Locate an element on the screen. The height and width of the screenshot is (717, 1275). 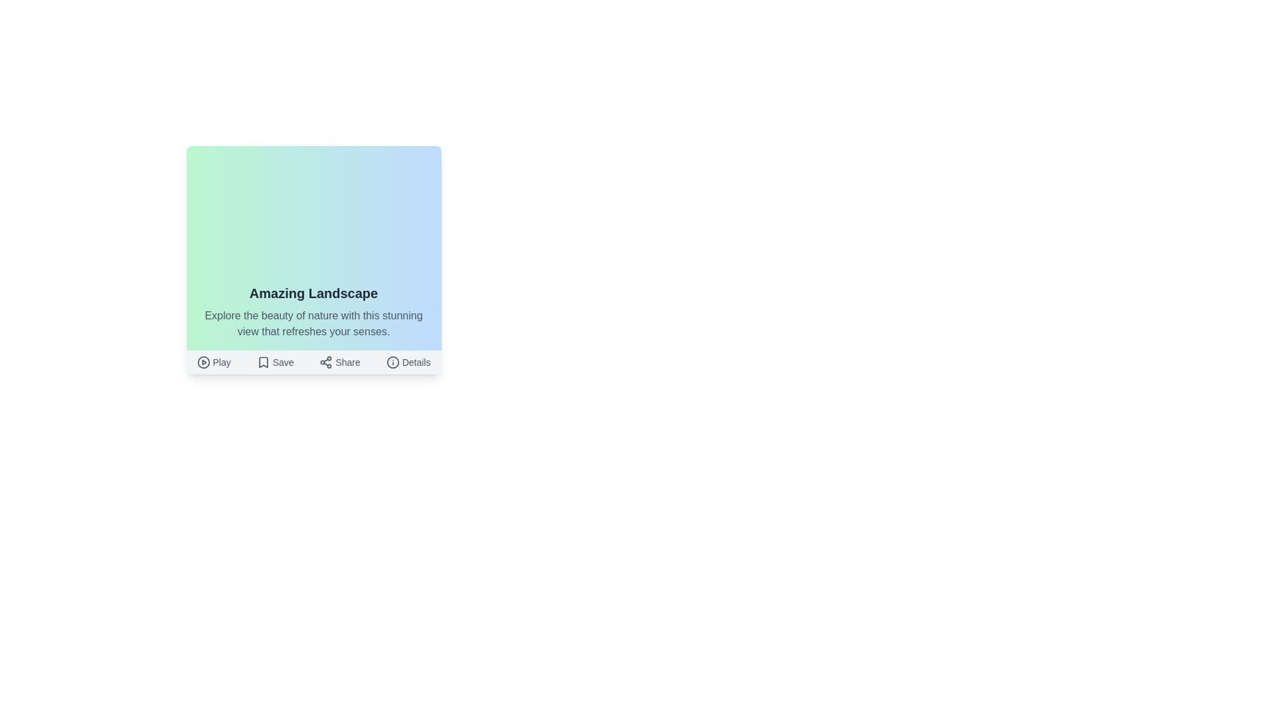
the SVG bookmark icon located between the 'Play' icon and 'Share' icon is located at coordinates (263, 362).